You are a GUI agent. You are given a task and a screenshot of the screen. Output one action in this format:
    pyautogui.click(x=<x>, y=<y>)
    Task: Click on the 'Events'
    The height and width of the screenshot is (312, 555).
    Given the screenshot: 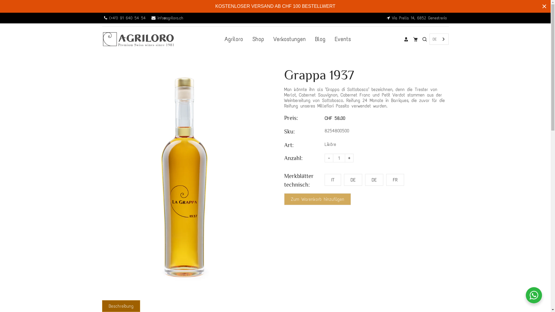 What is the action you would take?
    pyautogui.click(x=343, y=39)
    